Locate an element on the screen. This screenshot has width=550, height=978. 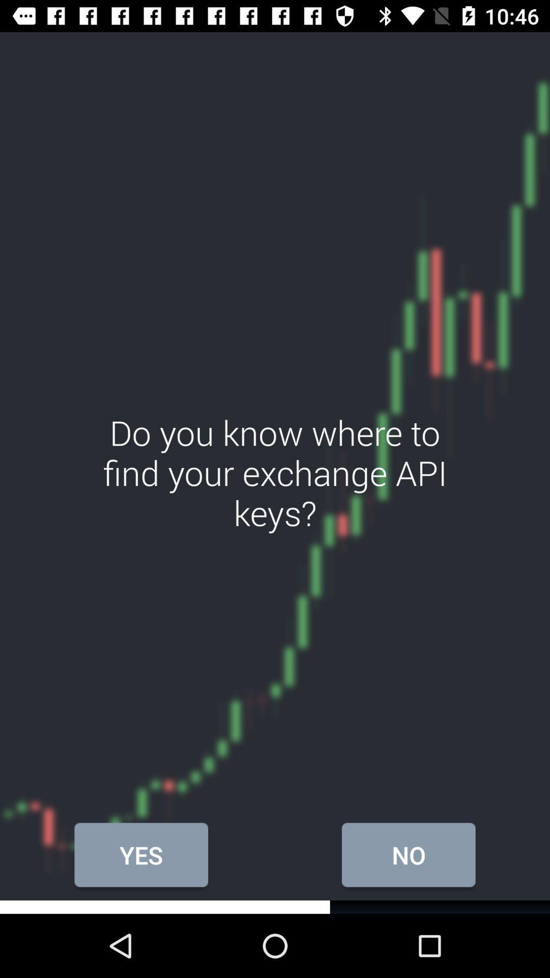
the icon next to the no icon is located at coordinates (141, 855).